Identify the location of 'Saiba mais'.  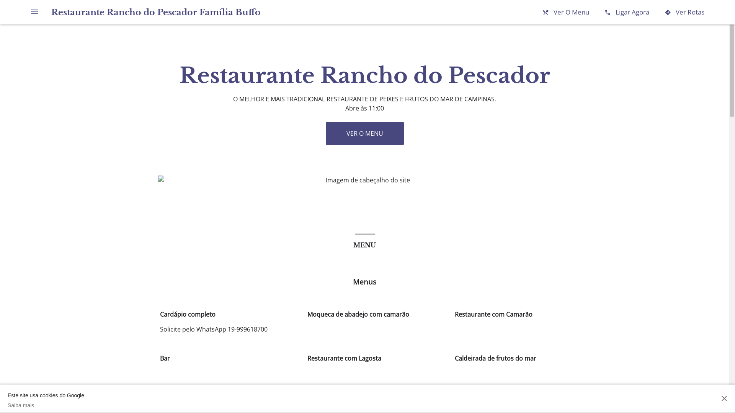
(46, 405).